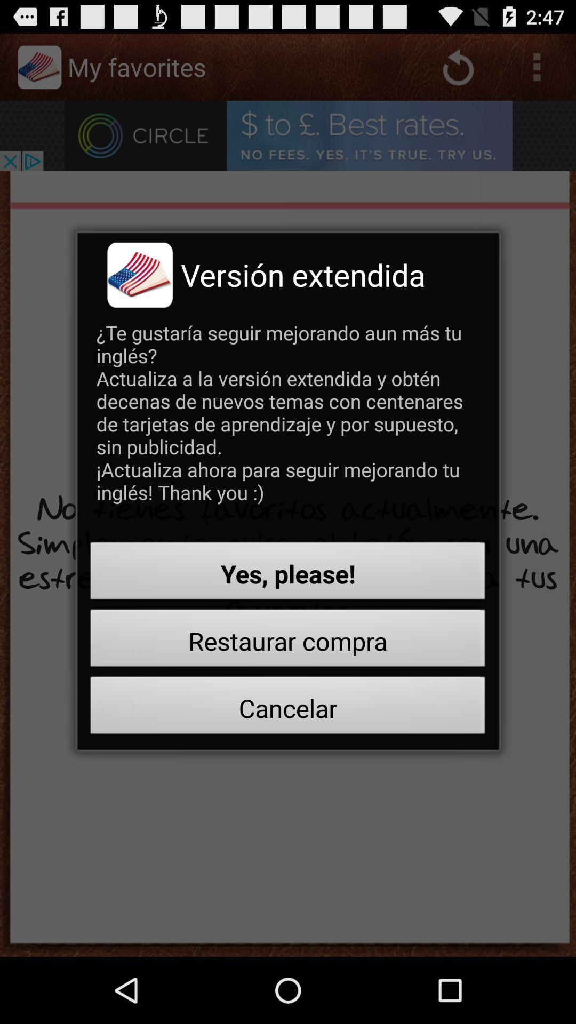 This screenshot has height=1024, width=576. I want to click on the item below the restaurar compra, so click(288, 708).